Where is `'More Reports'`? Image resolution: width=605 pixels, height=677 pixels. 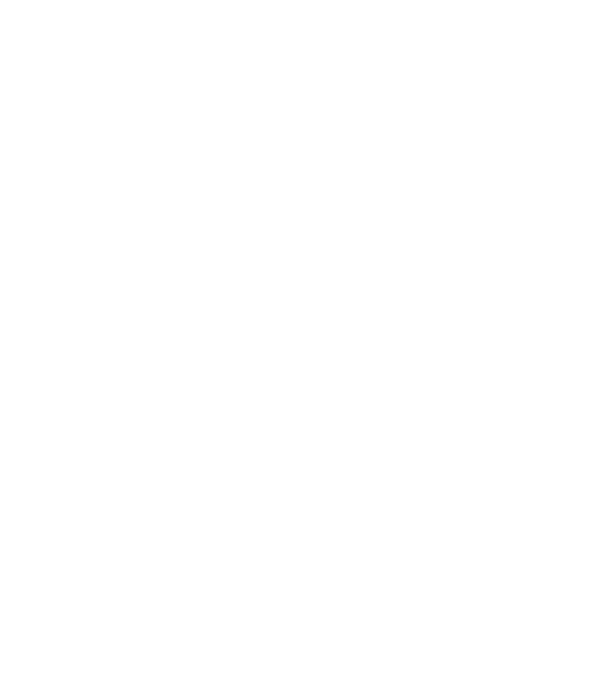 'More Reports' is located at coordinates (85, 150).